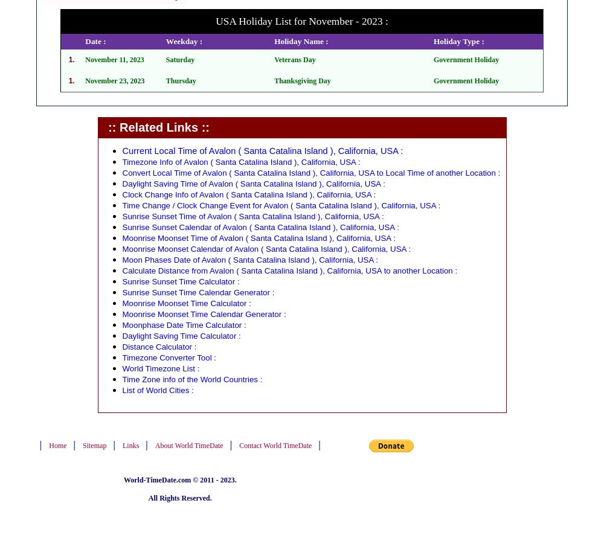 This screenshot has height=535, width=604. What do you see at coordinates (241, 162) in the screenshot?
I see `'Timezone Info of Avalon ( Santa Catalina Island ), California, USA :'` at bounding box center [241, 162].